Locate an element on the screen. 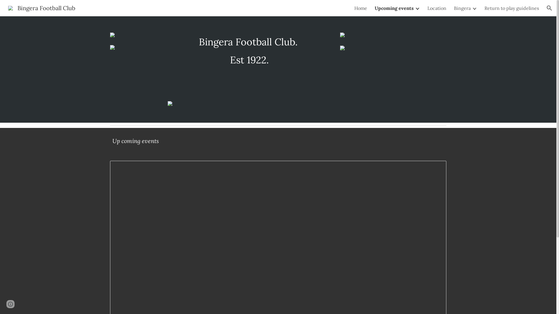 This screenshot has width=559, height=314. 'Upcoming events' is located at coordinates (394, 8).